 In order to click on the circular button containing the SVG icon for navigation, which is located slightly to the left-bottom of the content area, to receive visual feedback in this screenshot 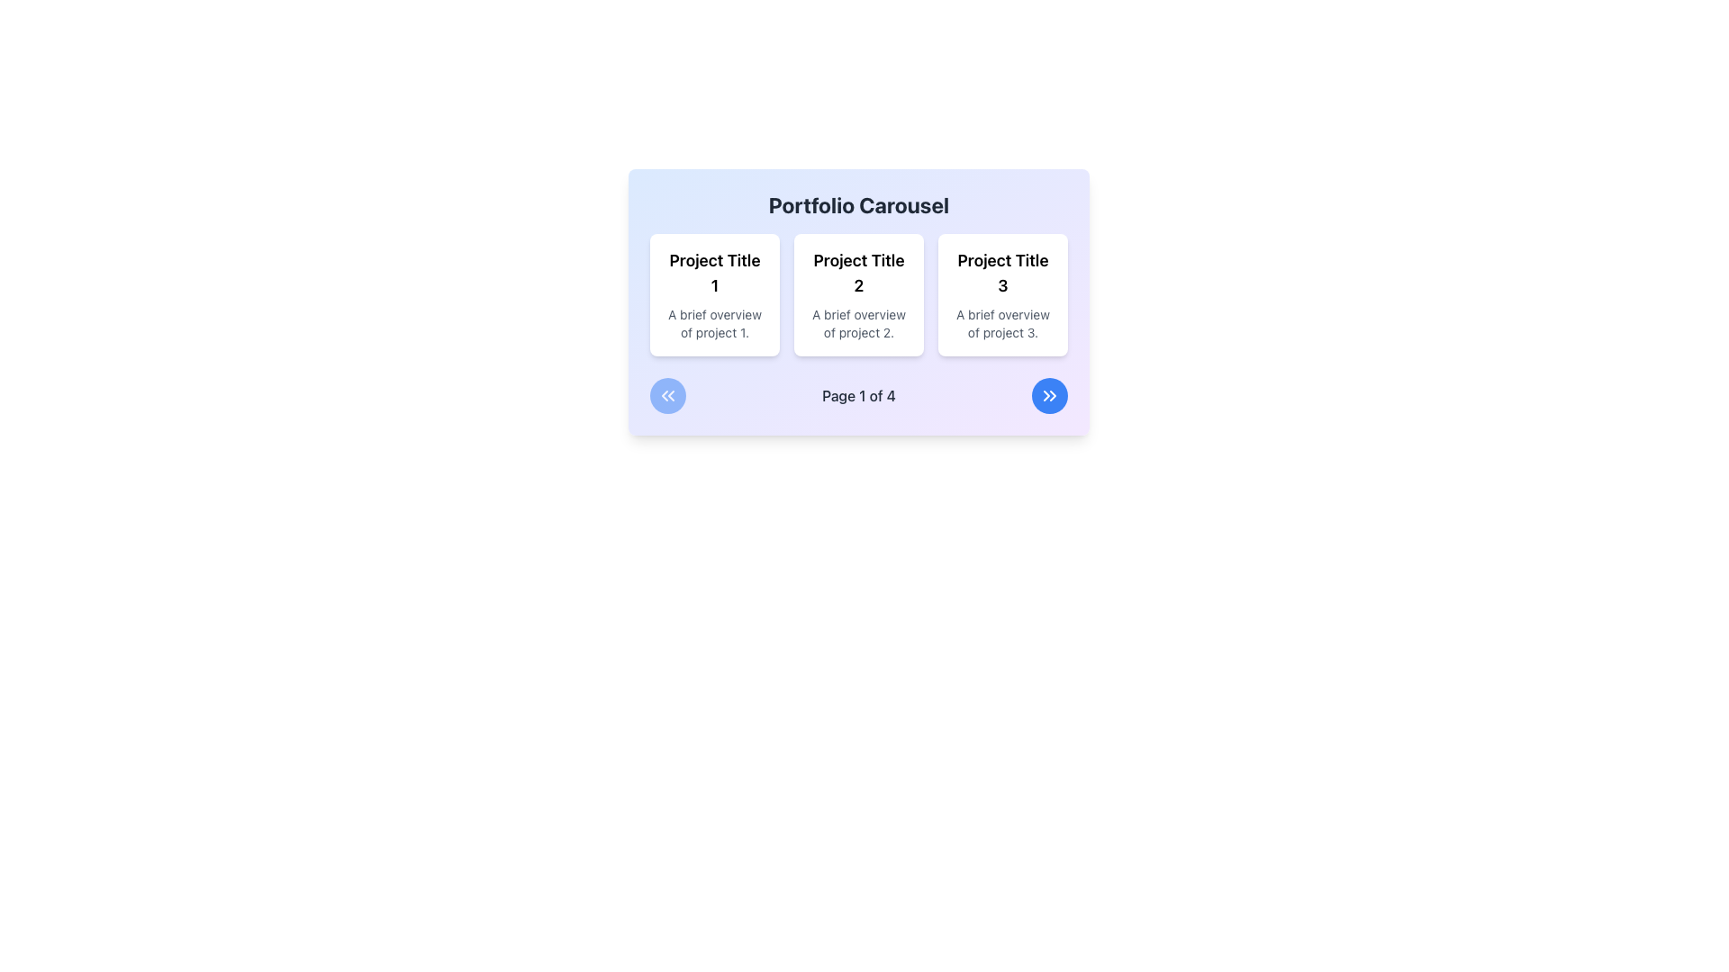, I will do `click(667, 394)`.